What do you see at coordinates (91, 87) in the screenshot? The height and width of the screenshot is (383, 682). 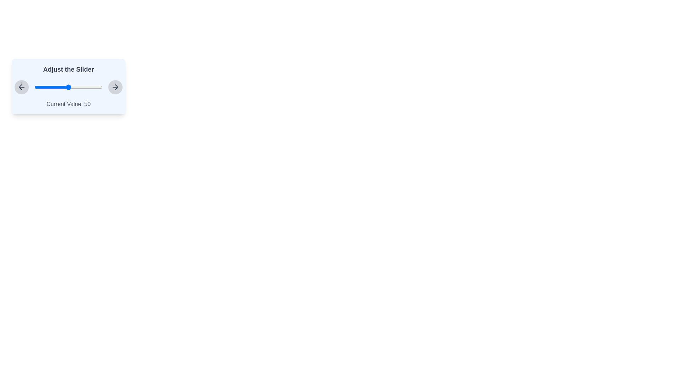 I see `the slider` at bounding box center [91, 87].